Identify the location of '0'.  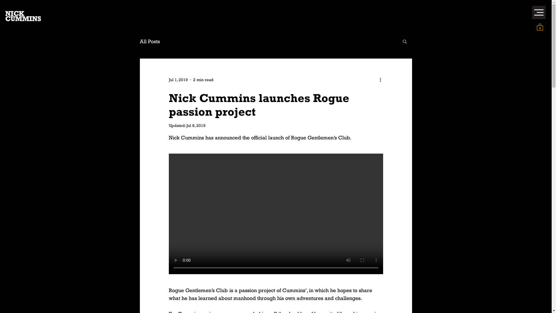
(539, 27).